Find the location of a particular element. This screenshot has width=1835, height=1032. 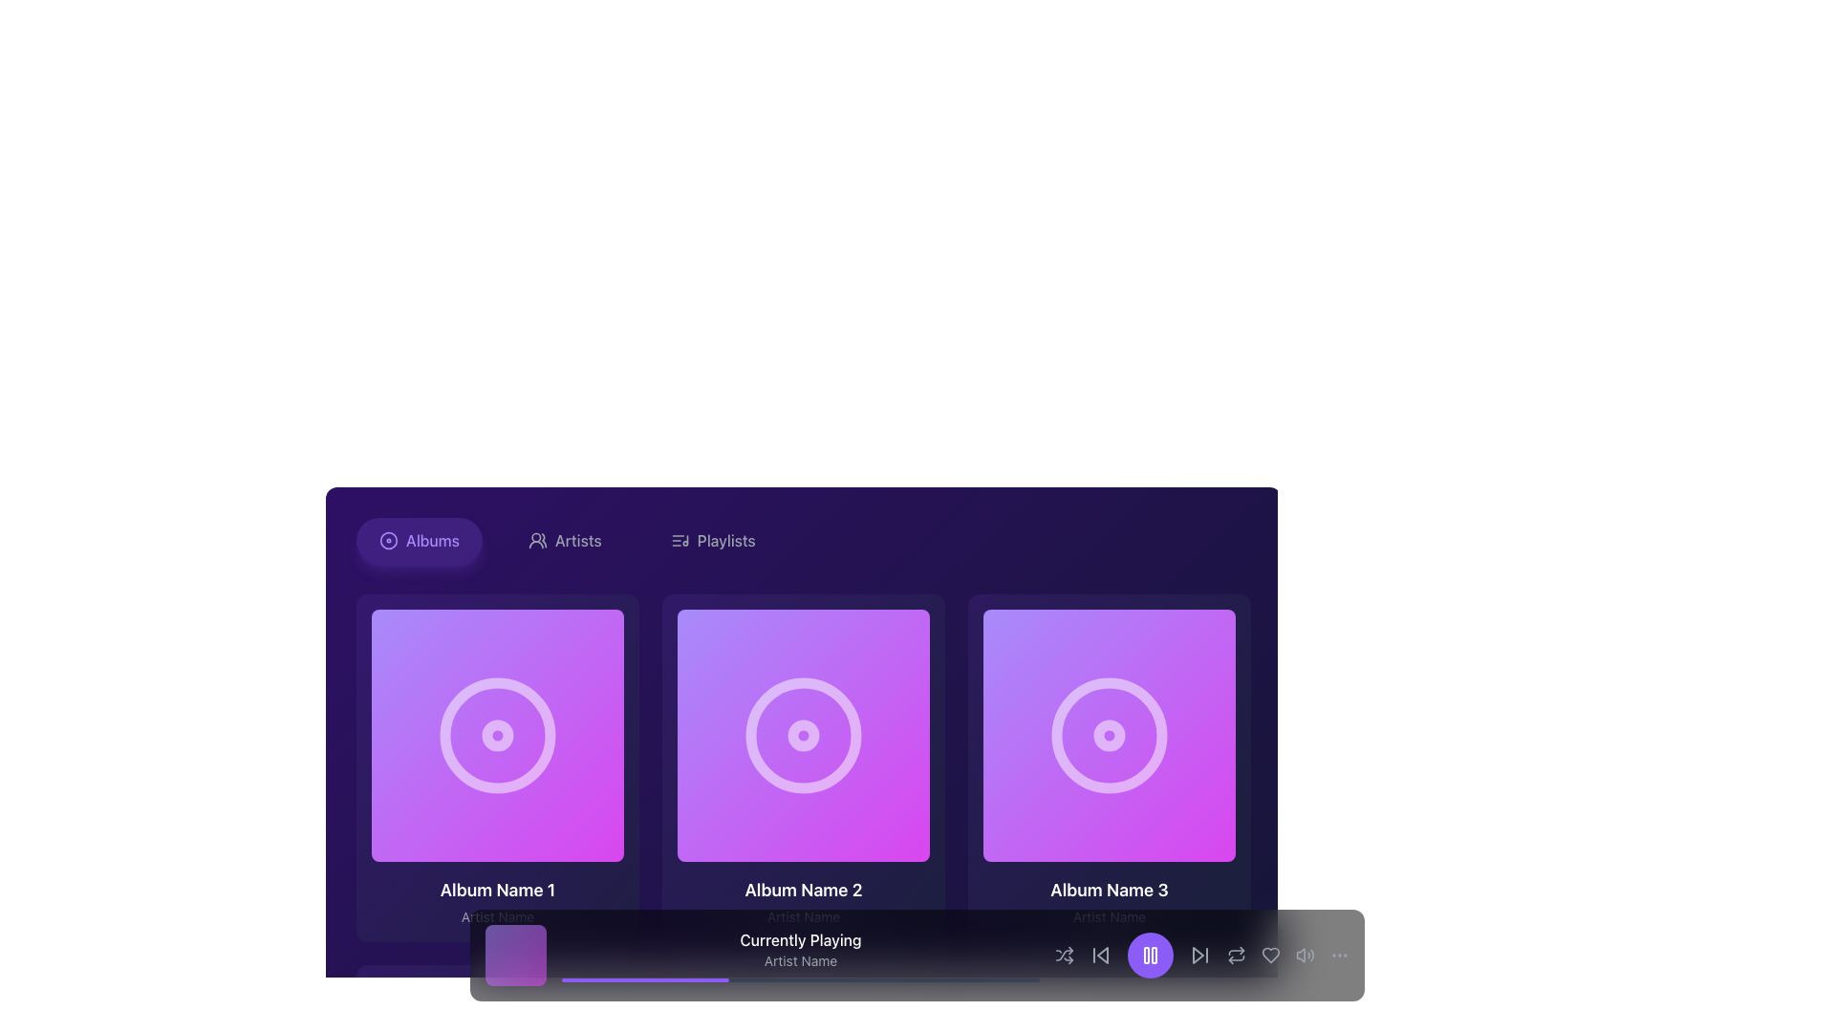

the shuffle icon located centrally within the bottom bar of the application interface, which serves as a visual indicator for a shuffle or mix function is located at coordinates (1063, 955).